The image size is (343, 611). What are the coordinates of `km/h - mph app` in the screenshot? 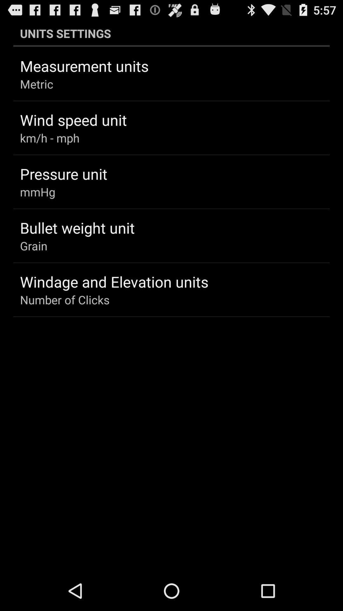 It's located at (49, 137).